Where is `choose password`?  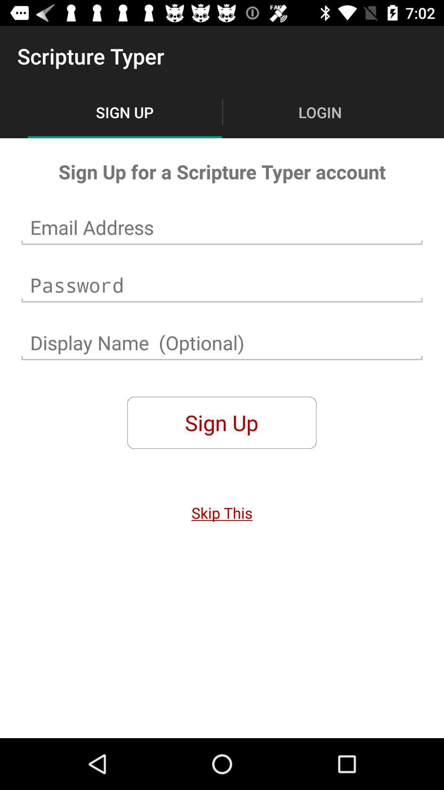 choose password is located at coordinates (222, 285).